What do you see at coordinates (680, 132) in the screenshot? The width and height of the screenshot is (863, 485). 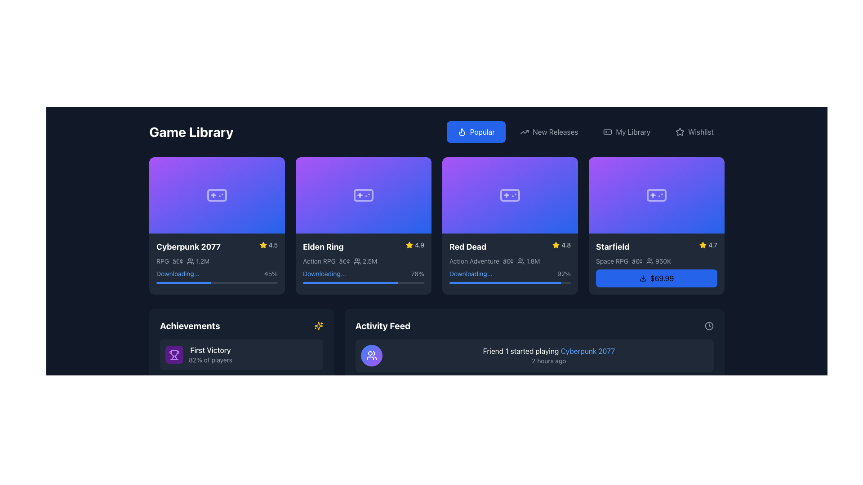 I see `the star icon representing the 'Wishlist' feature located in the navigation bar at the top-right corner of the interface` at bounding box center [680, 132].